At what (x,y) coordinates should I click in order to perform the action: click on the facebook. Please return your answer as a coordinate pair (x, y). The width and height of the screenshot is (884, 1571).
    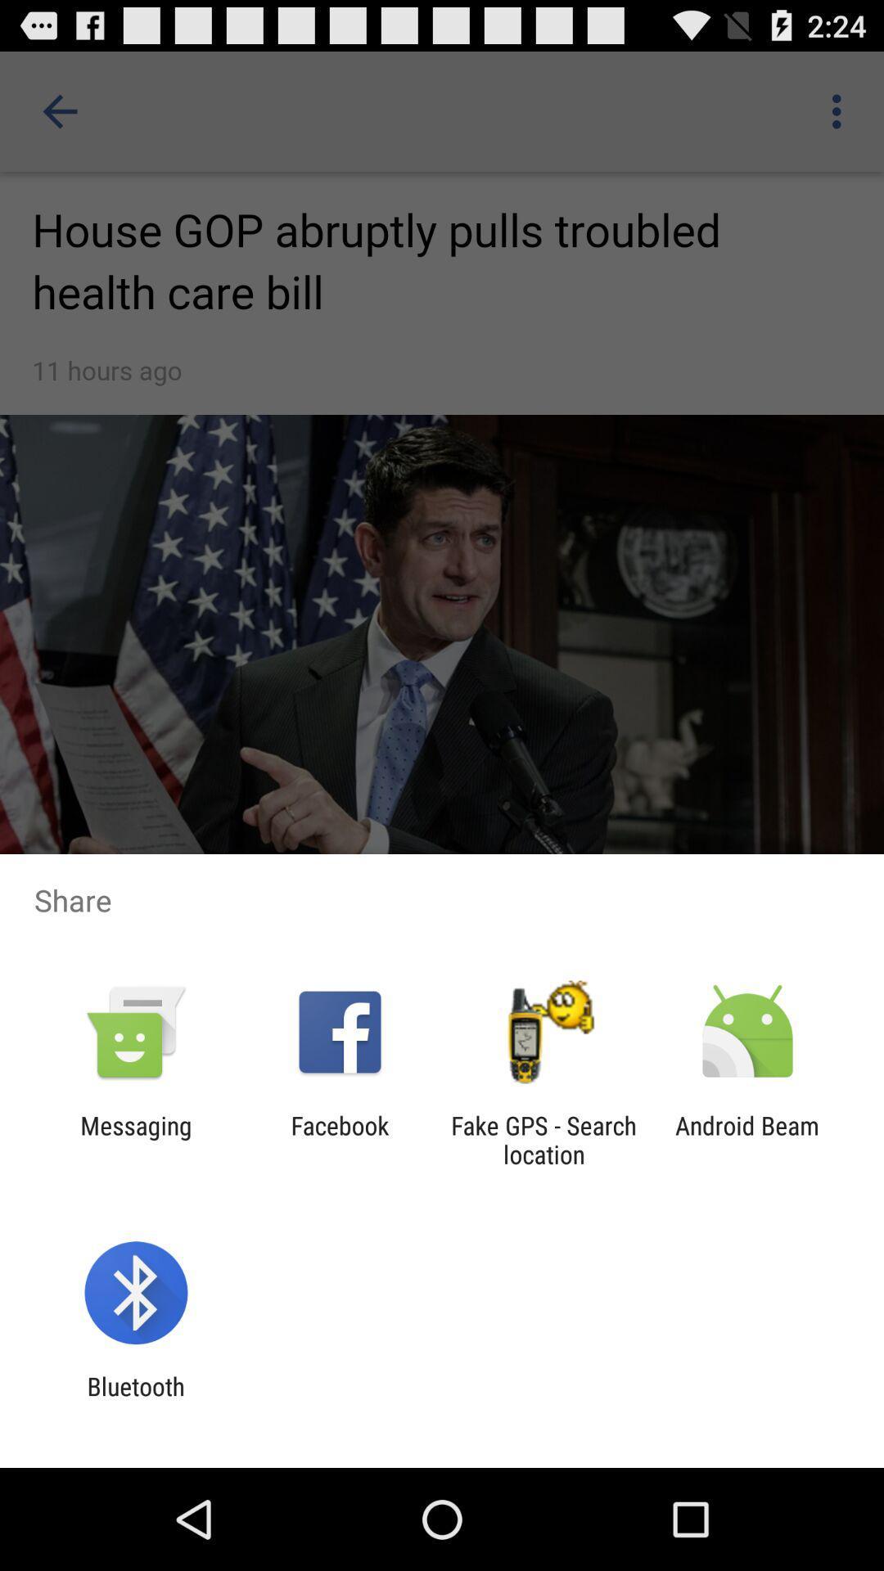
    Looking at the image, I should click on (339, 1139).